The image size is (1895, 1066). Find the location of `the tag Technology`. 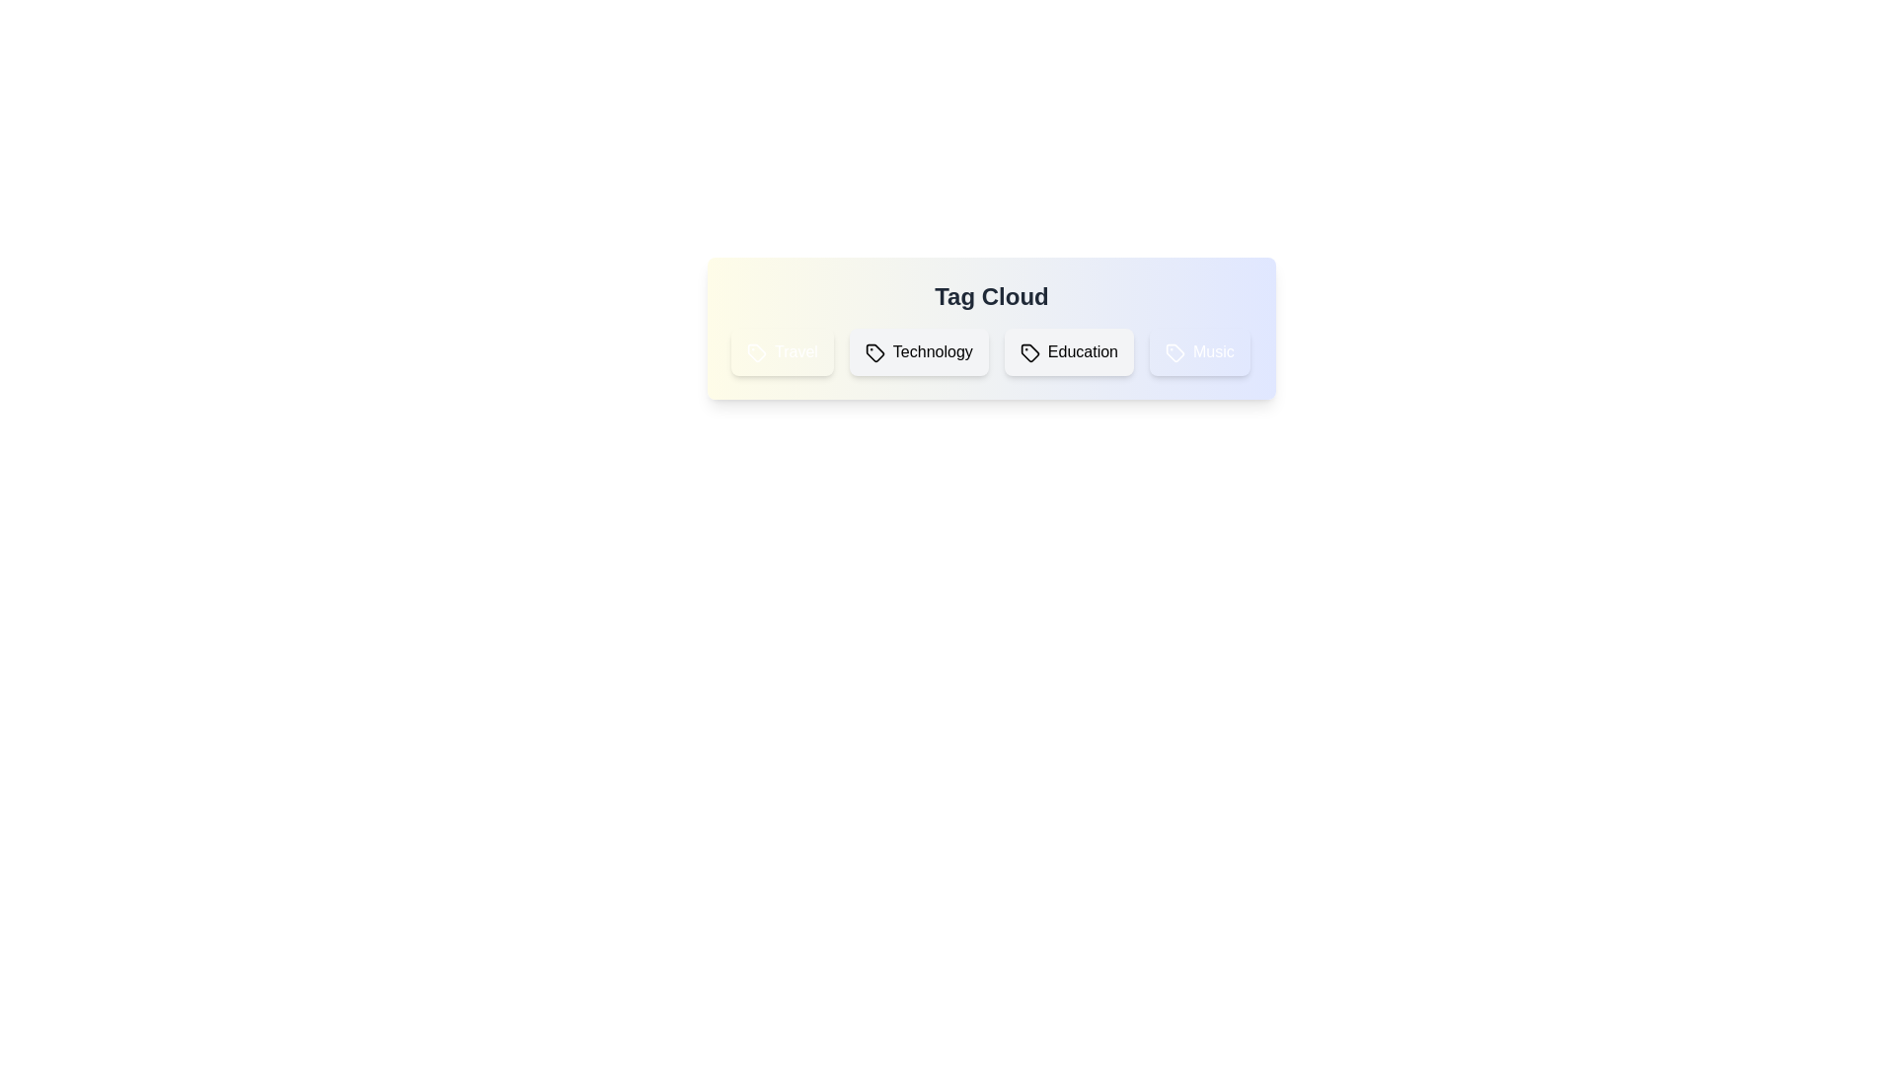

the tag Technology is located at coordinates (918, 351).